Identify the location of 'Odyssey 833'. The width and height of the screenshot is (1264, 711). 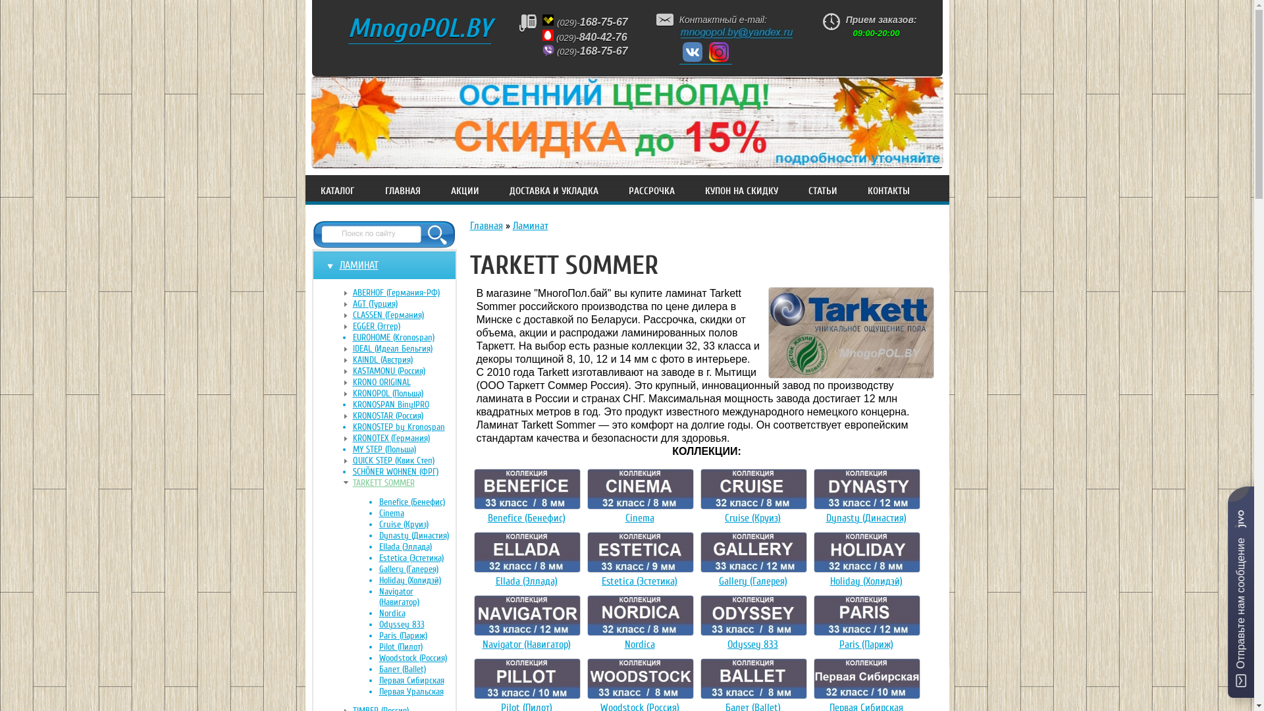
(416, 623).